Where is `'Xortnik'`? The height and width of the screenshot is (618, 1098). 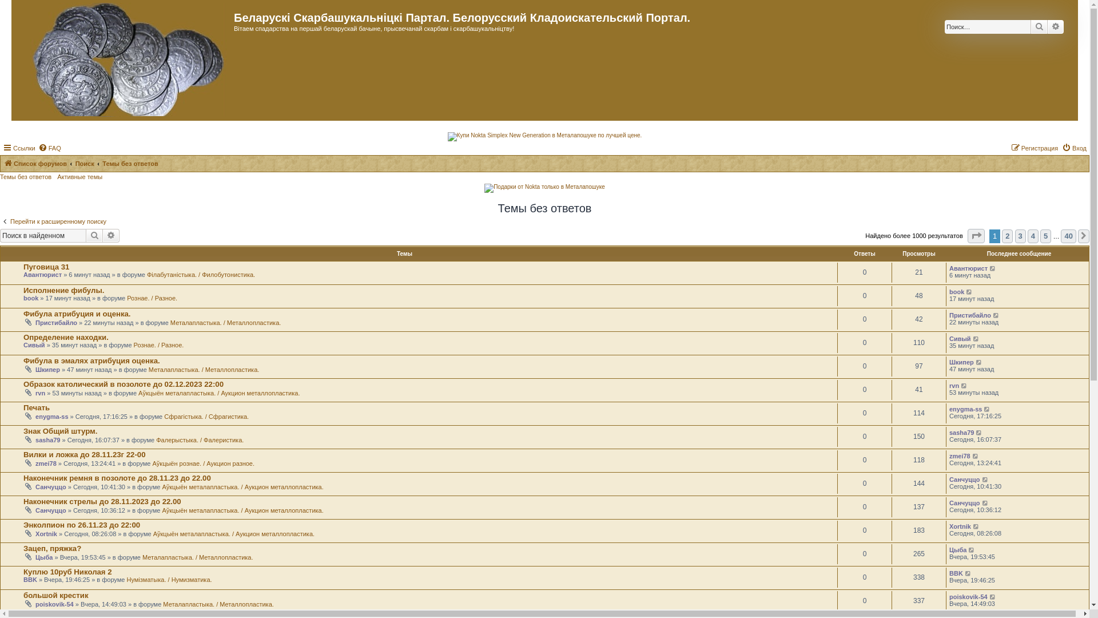
'Xortnik' is located at coordinates (35, 534).